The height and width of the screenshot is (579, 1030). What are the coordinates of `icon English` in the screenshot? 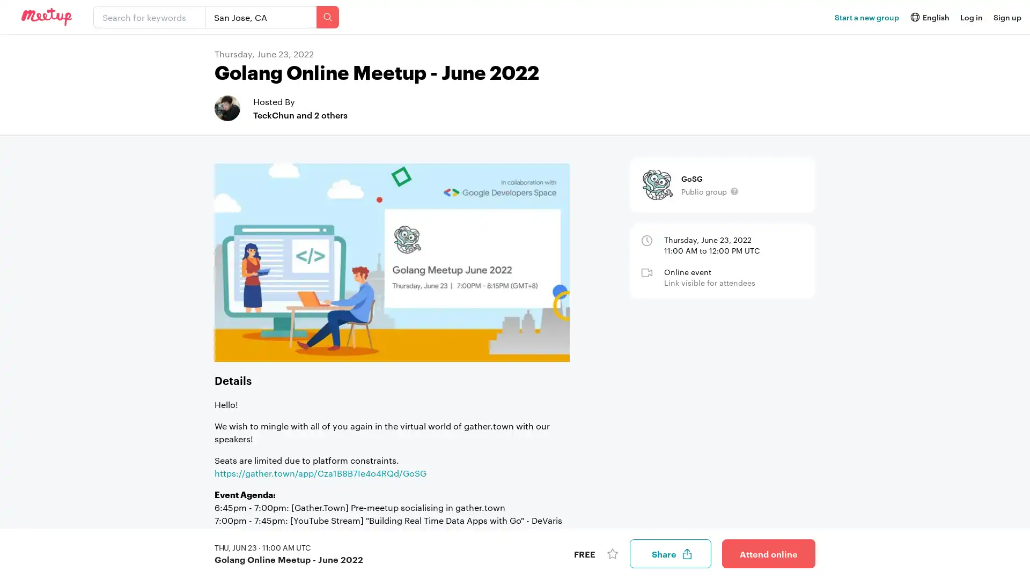 It's located at (929, 17).